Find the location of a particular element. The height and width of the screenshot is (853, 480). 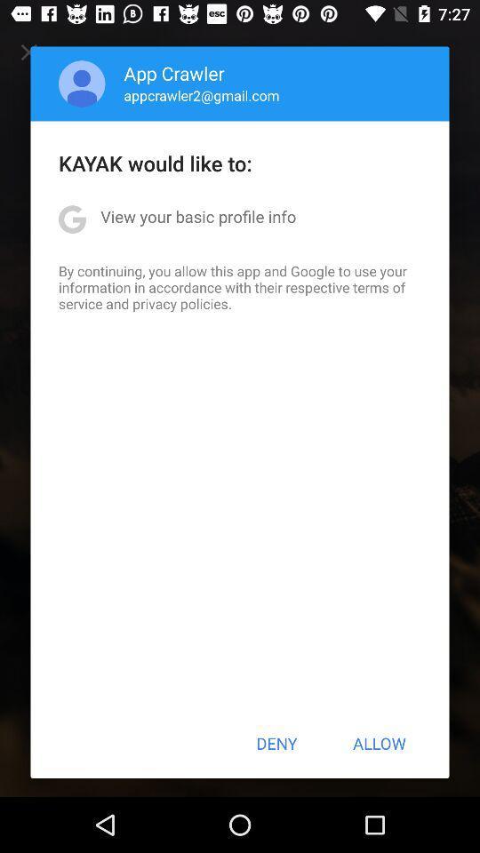

view your basic app is located at coordinates (197, 215).